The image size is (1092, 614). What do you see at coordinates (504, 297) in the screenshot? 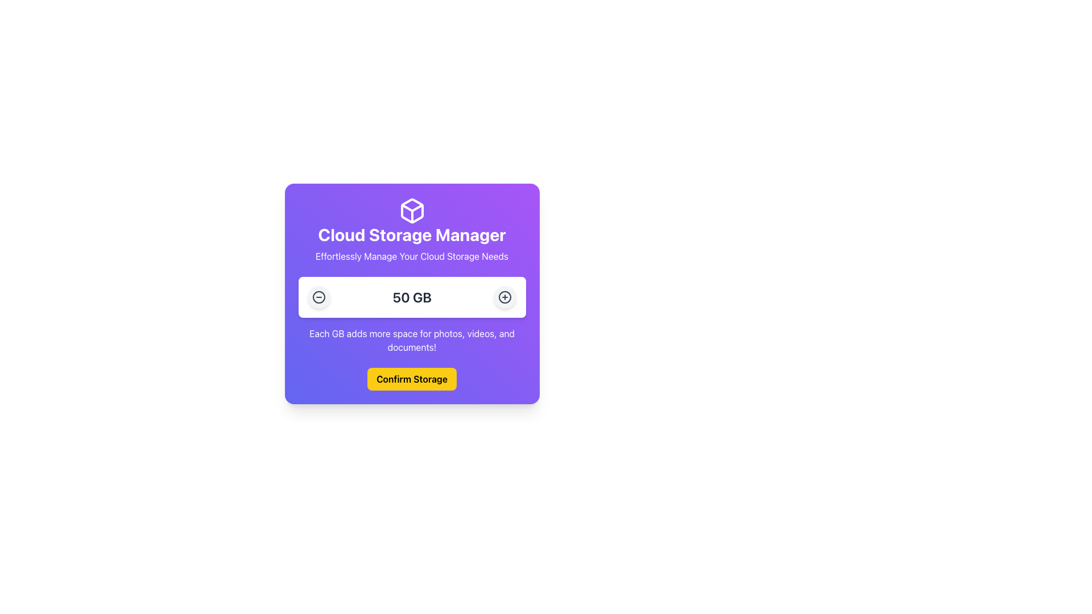
I see `the circular gray button with a plus icon, located on the far right side of the layout next to the 50 GB text` at bounding box center [504, 297].